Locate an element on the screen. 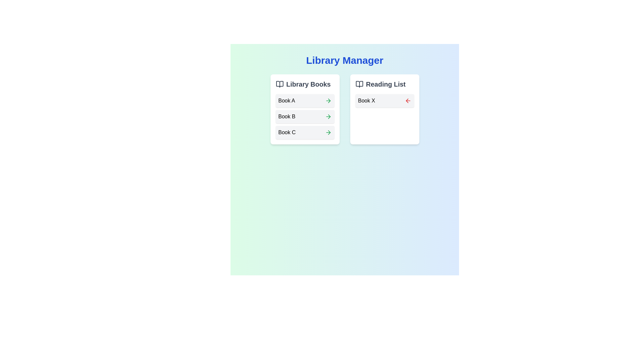 This screenshot has width=635, height=357. the right-facing arrow button next to the 'Book A' entry in the 'Library Books' list to interact with it is located at coordinates (328, 100).